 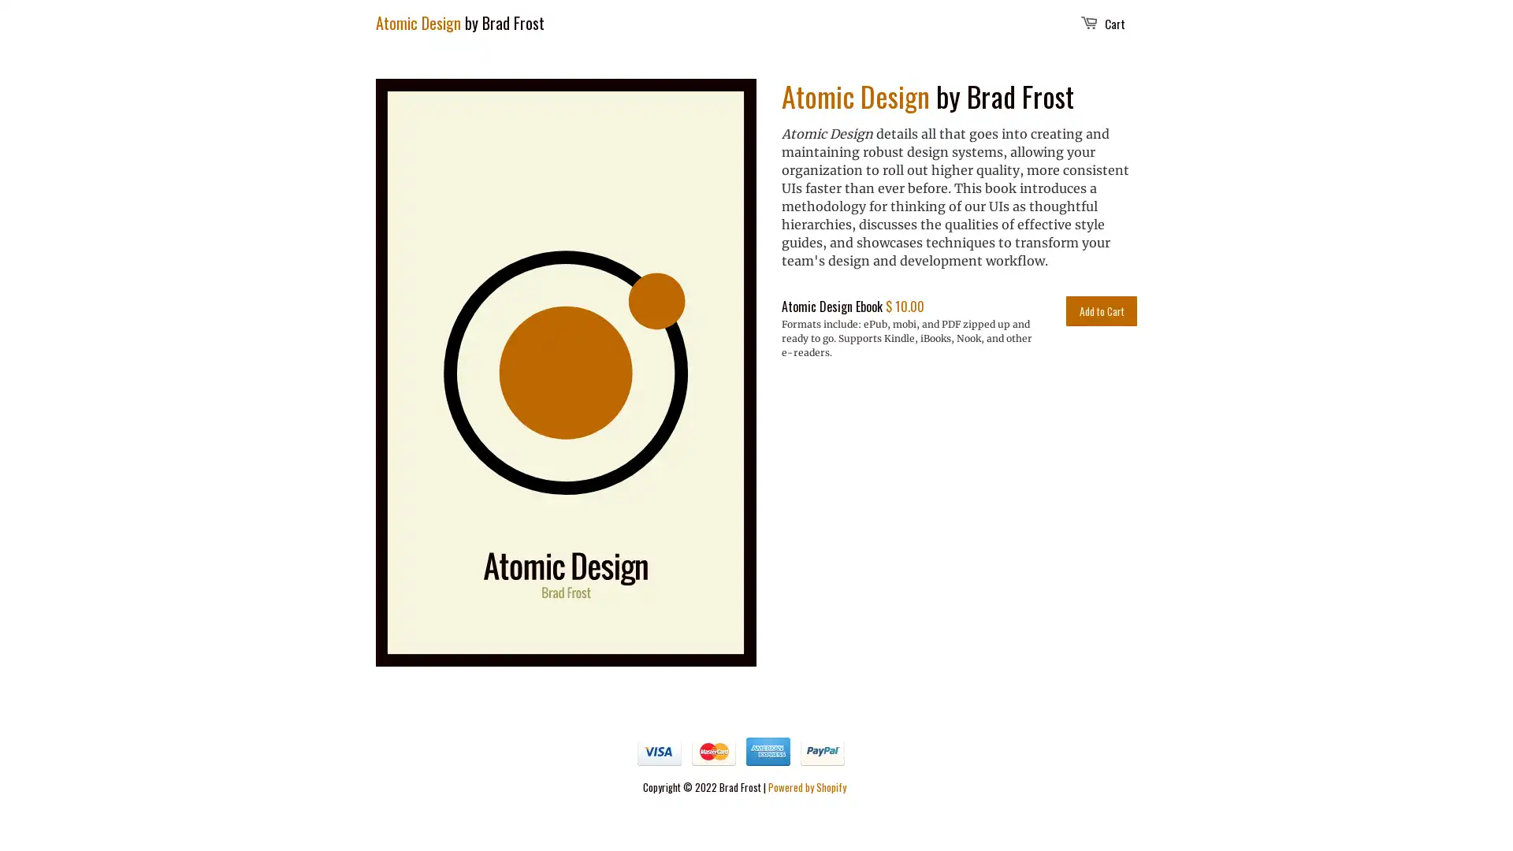 I want to click on Add to Cart, so click(x=1100, y=310).